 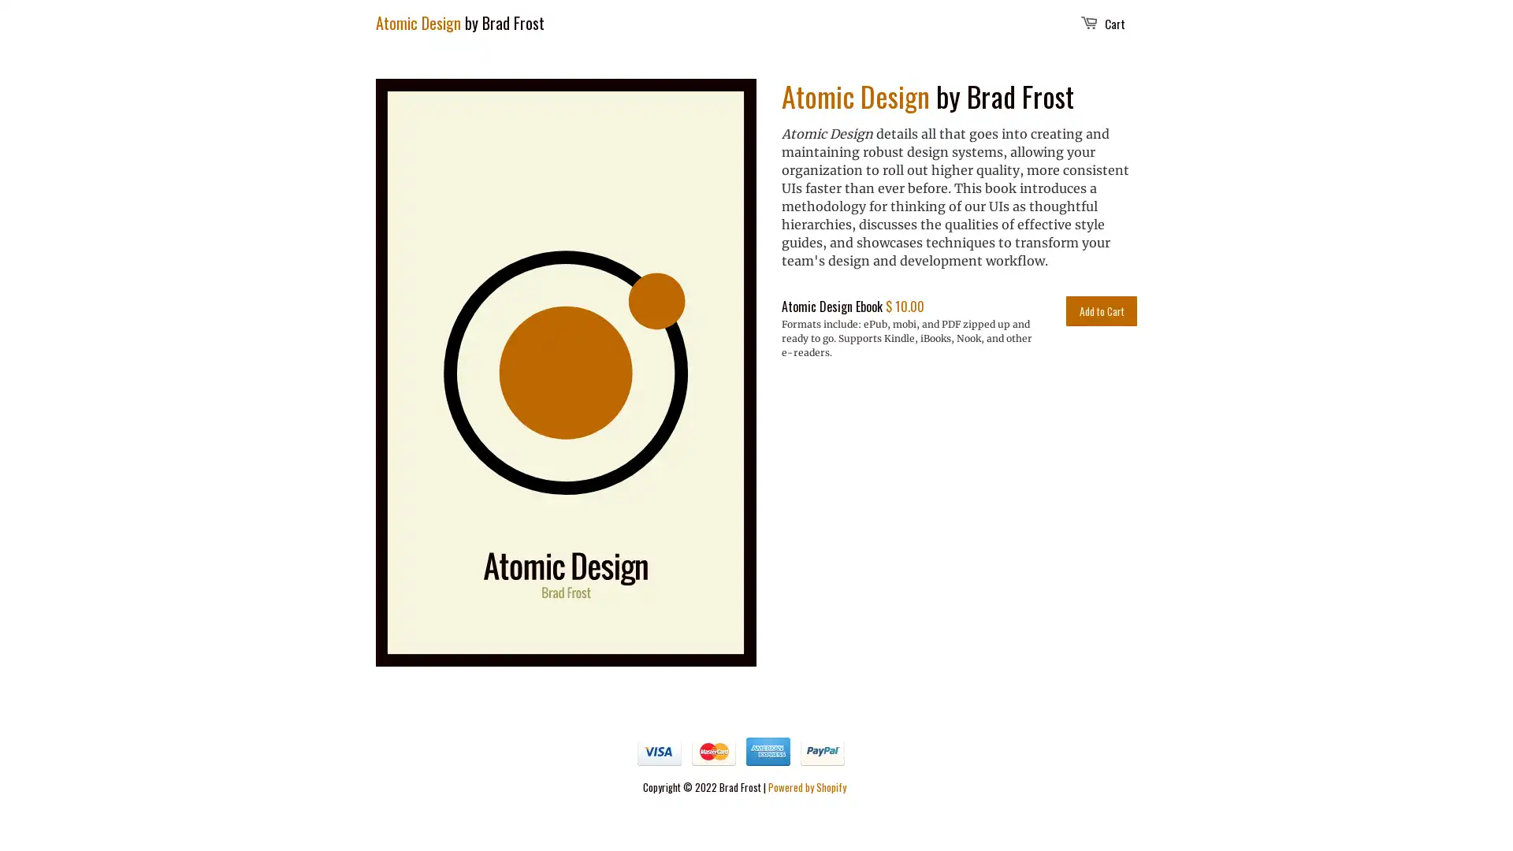 I want to click on Add to Cart, so click(x=1100, y=310).